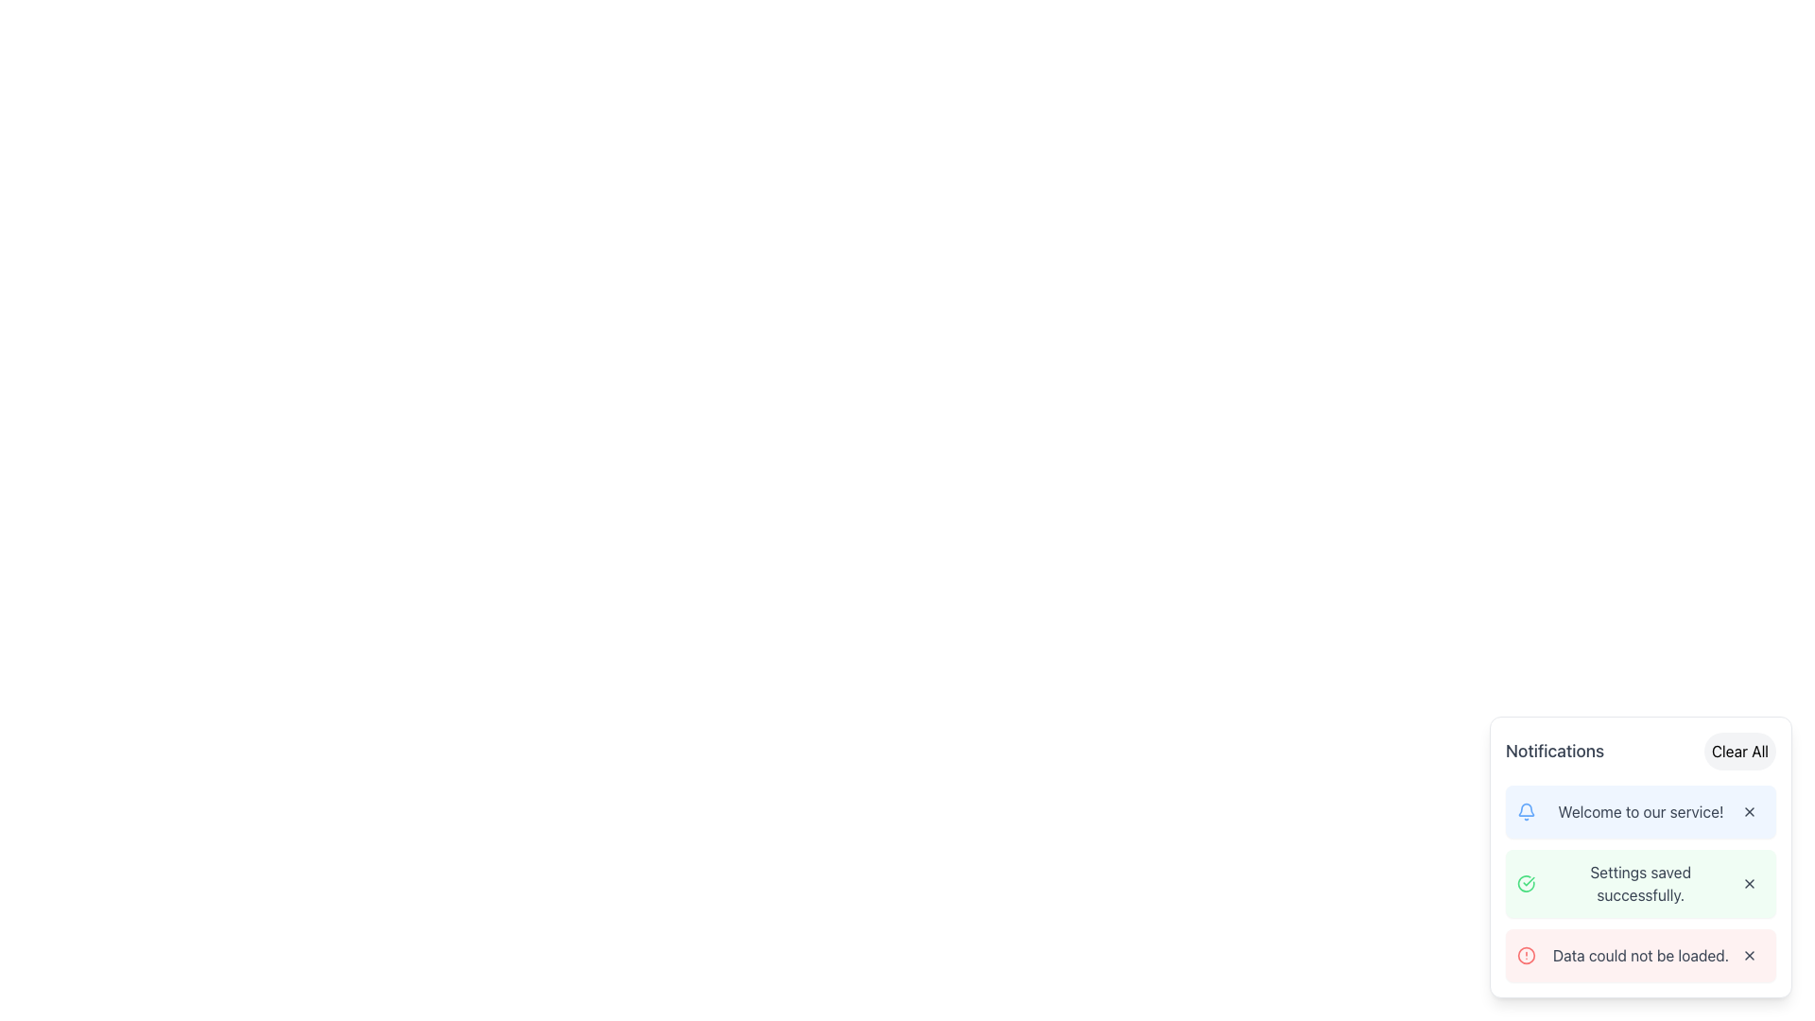 The height and width of the screenshot is (1021, 1815). I want to click on the error alert icon located in the bottommost notification item of the 'Notifications' popup, which is positioned to the left of the text 'Data could not be loaded.', so click(1526, 955).